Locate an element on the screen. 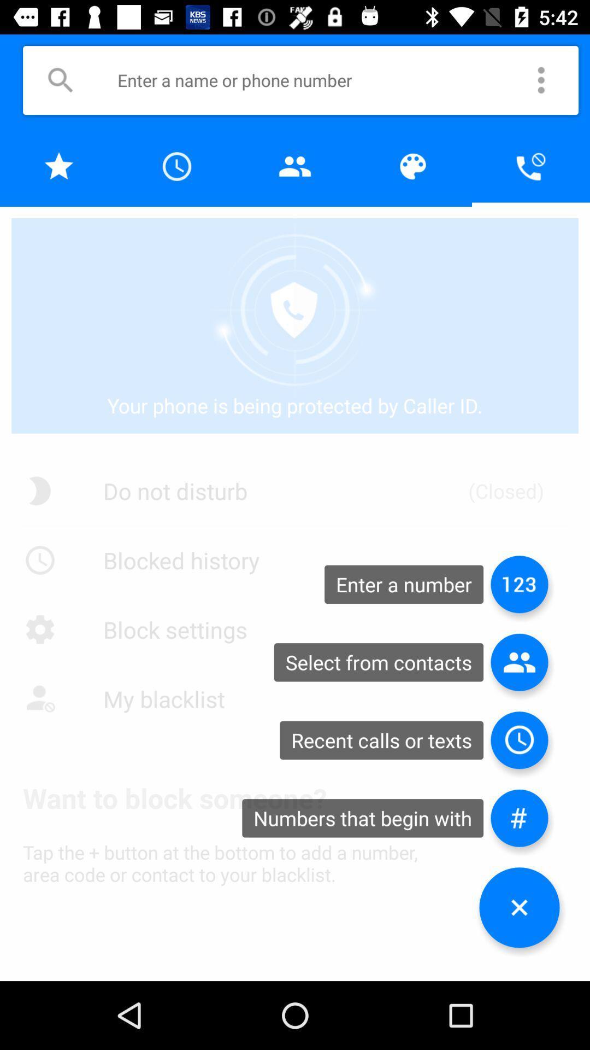  the close icon is located at coordinates (519, 907).